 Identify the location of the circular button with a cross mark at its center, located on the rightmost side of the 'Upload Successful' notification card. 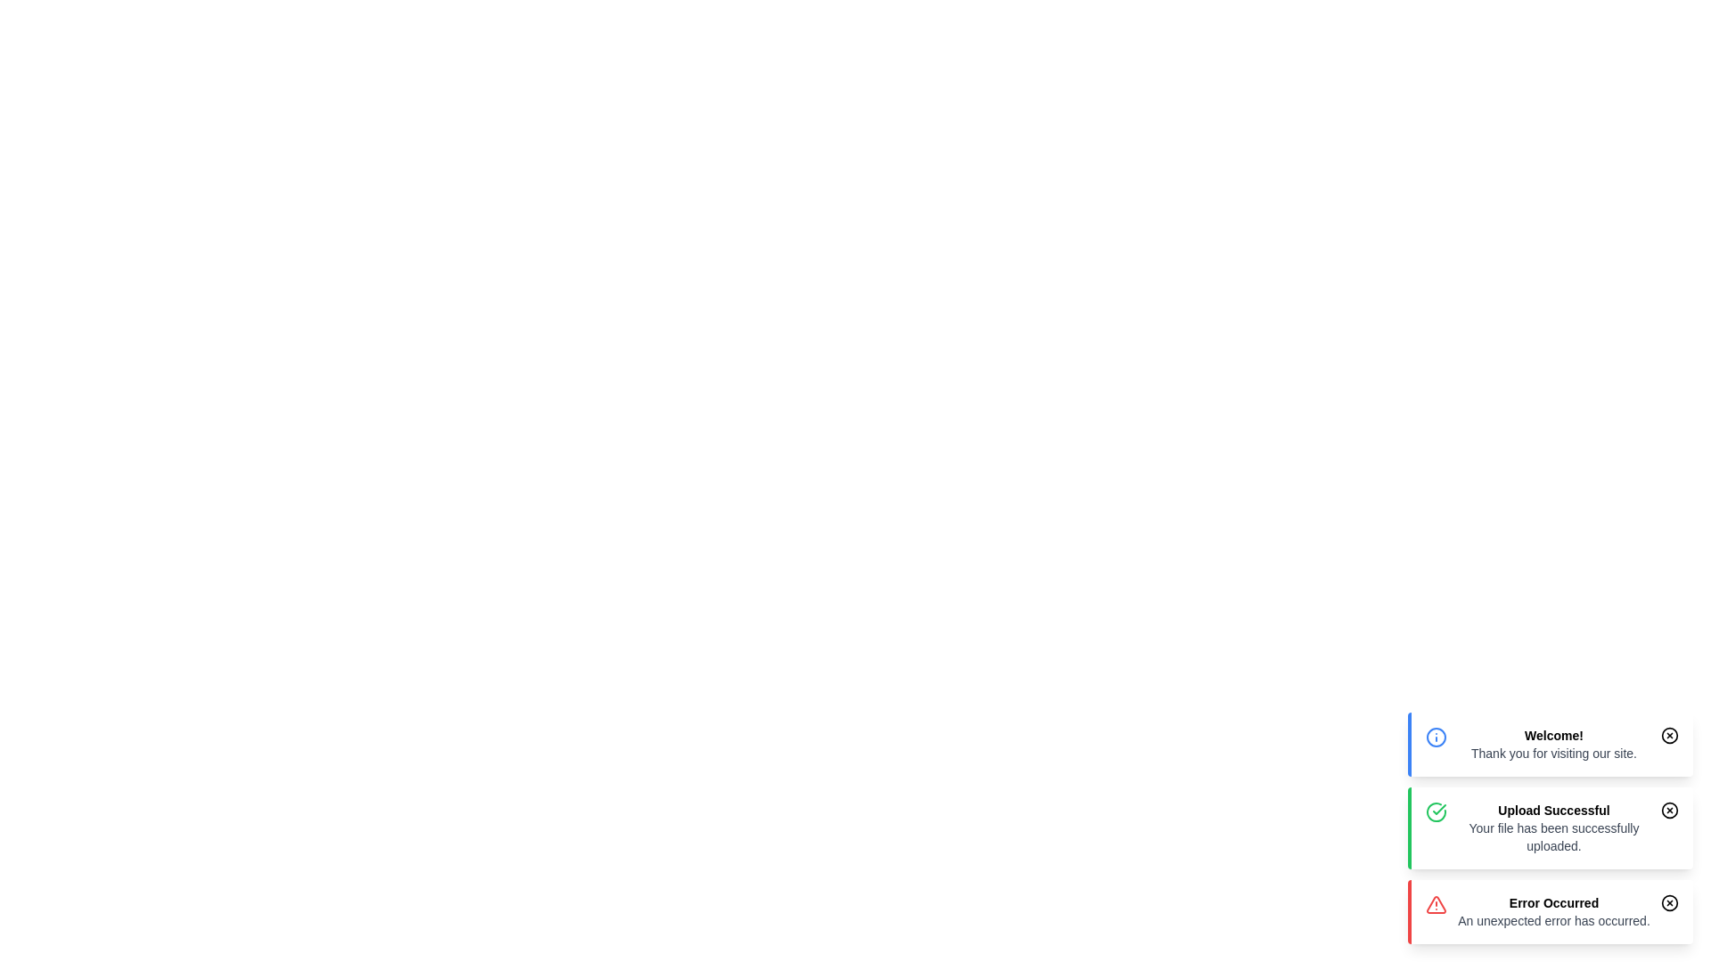
(1668, 811).